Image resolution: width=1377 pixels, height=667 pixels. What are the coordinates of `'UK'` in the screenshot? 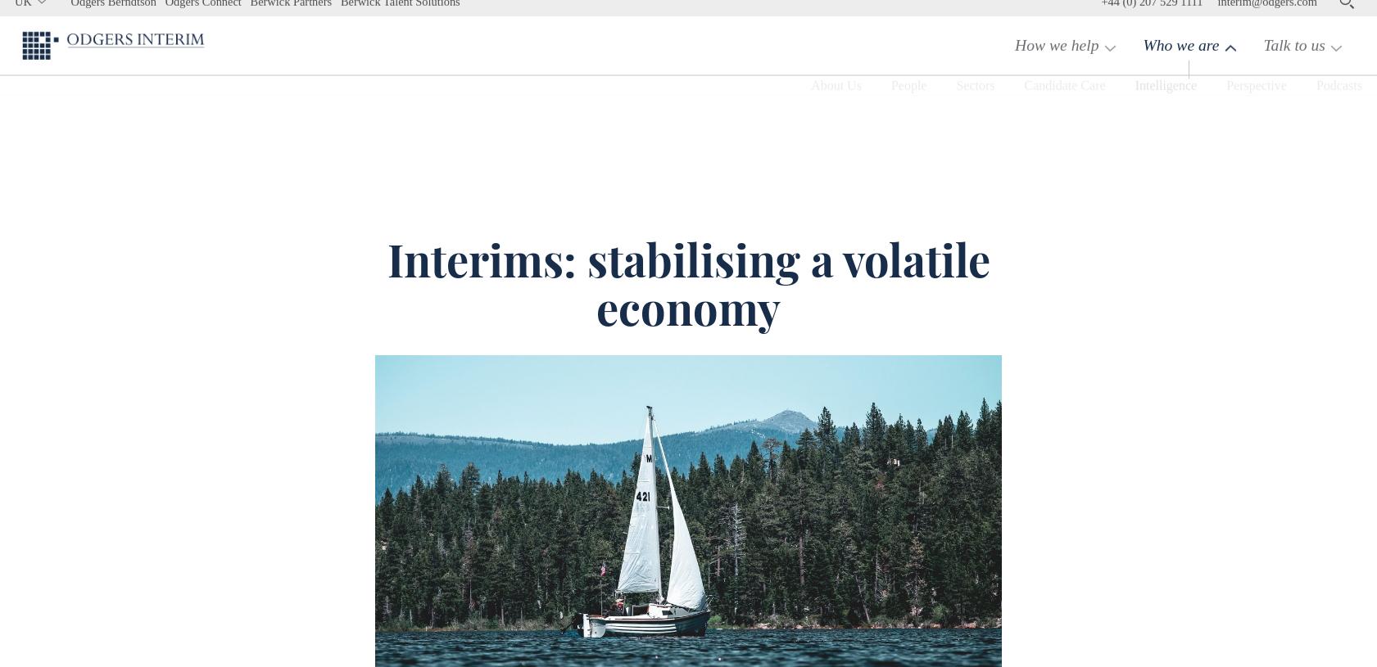 It's located at (22, 14).